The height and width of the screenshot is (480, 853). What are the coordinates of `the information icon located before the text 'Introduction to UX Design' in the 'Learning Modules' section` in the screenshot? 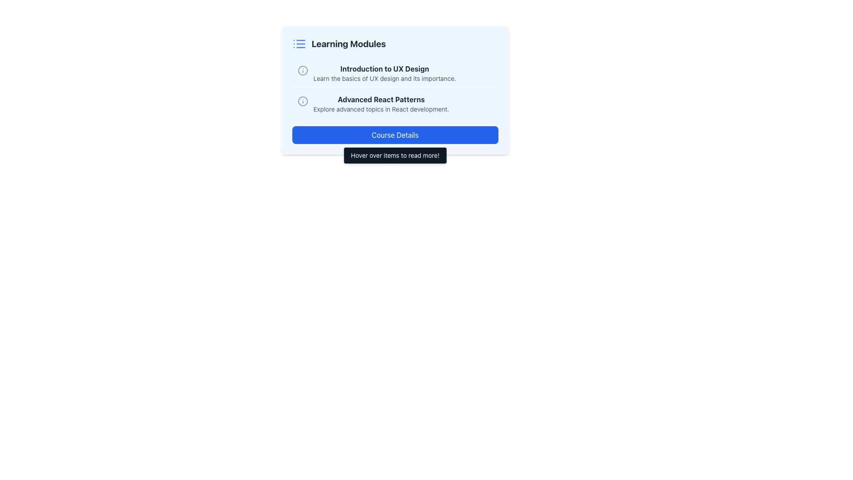 It's located at (303, 70).